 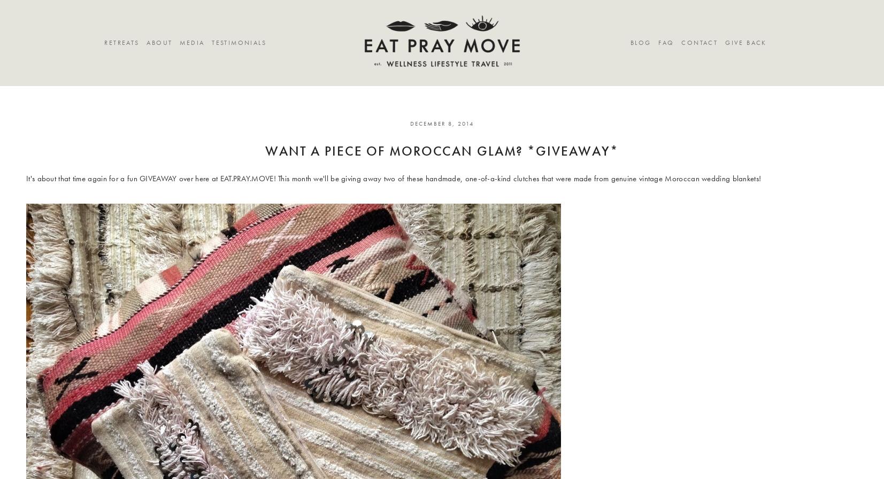 What do you see at coordinates (441, 151) in the screenshot?
I see `'Want a Piece of Moroccan Glam? *GIVEAWAY*'` at bounding box center [441, 151].